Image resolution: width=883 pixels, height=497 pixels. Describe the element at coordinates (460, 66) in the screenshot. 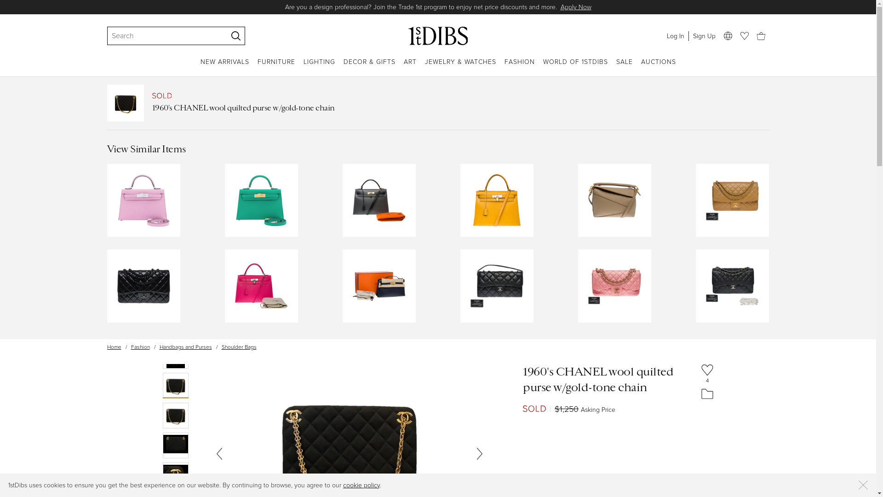

I see `'JEWELRY & WATCHES'` at that location.